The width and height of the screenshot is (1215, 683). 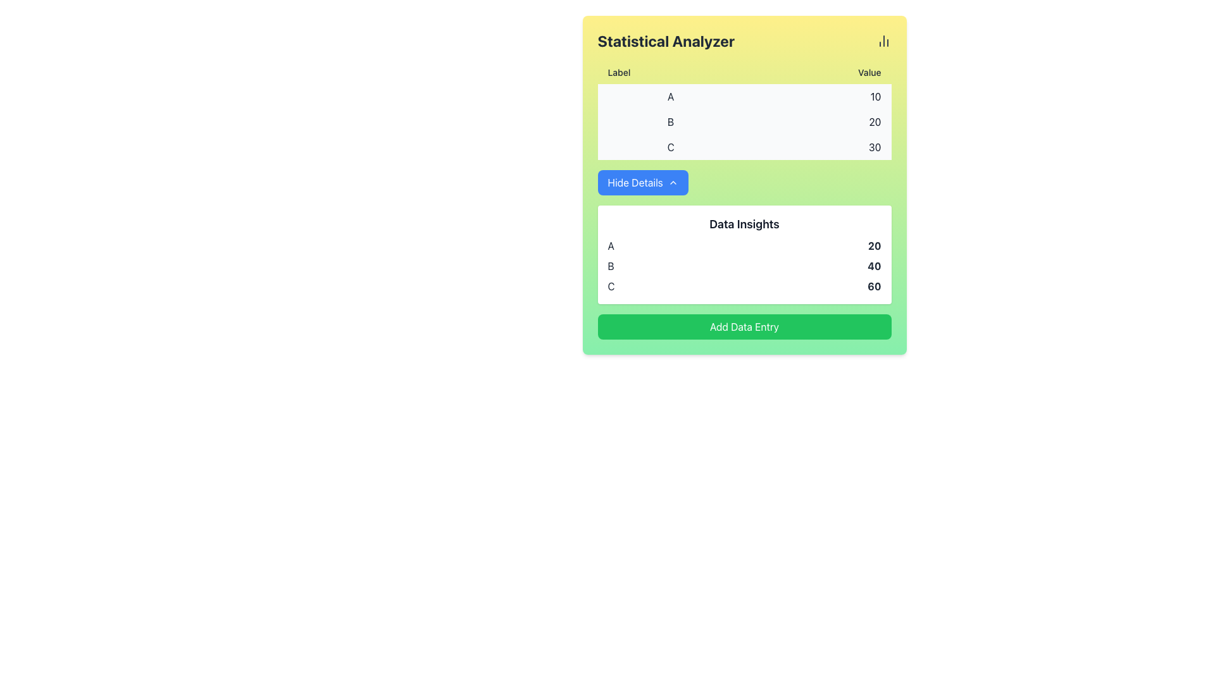 What do you see at coordinates (670, 121) in the screenshot?
I see `the bold letter 'B' label, which is styled in gray and positioned in the middle row of a grid layout, between labels 'A' and 'C'` at bounding box center [670, 121].